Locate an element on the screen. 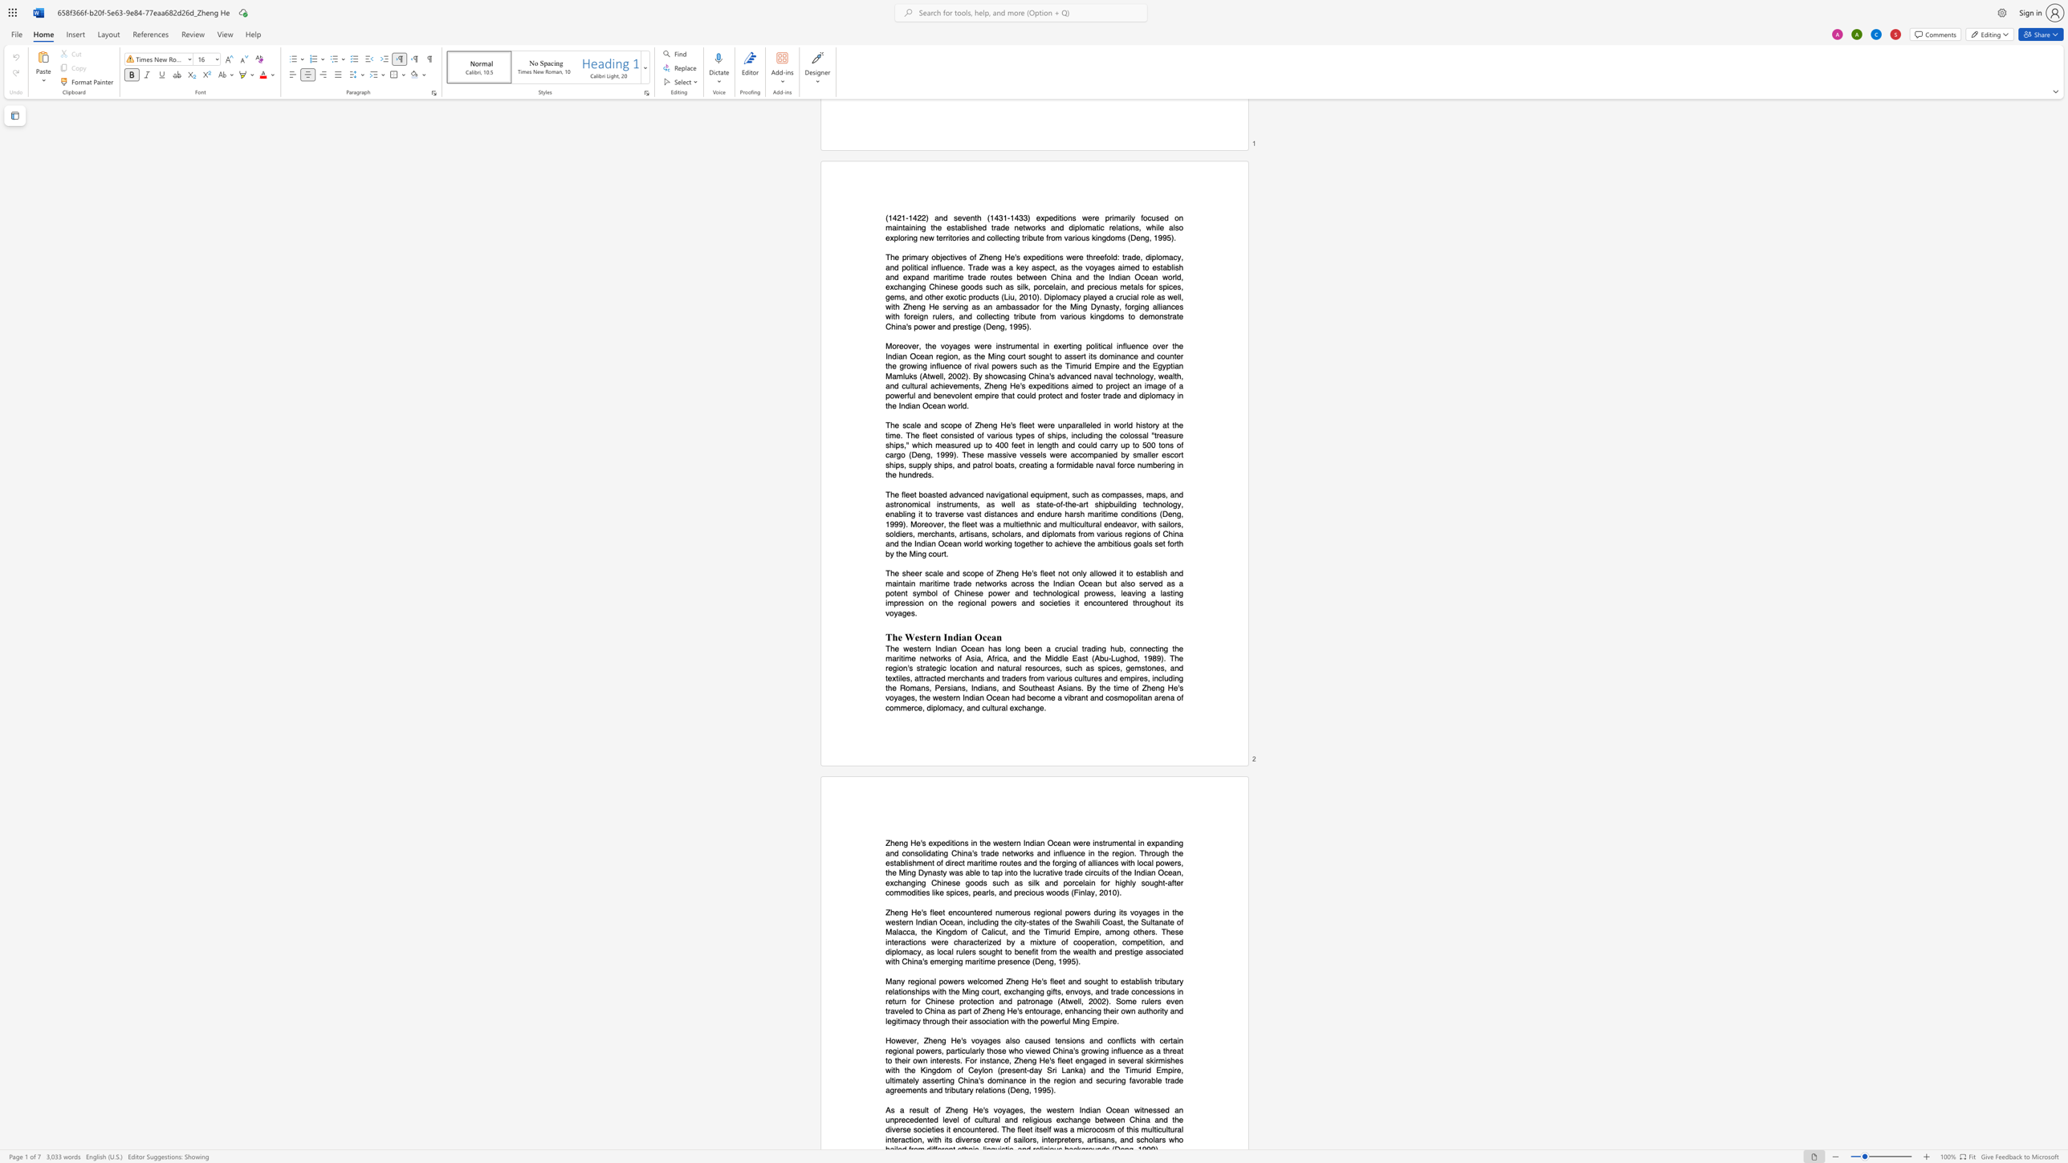  the subset text "terized by a mixture of cooperation, competition, an" within the text ", and the Timurid Empire, among others. These interactions were characterized by a mixture of cooperation, competition, and diplomacy, as local rulers sought to" is located at coordinates (978, 941).